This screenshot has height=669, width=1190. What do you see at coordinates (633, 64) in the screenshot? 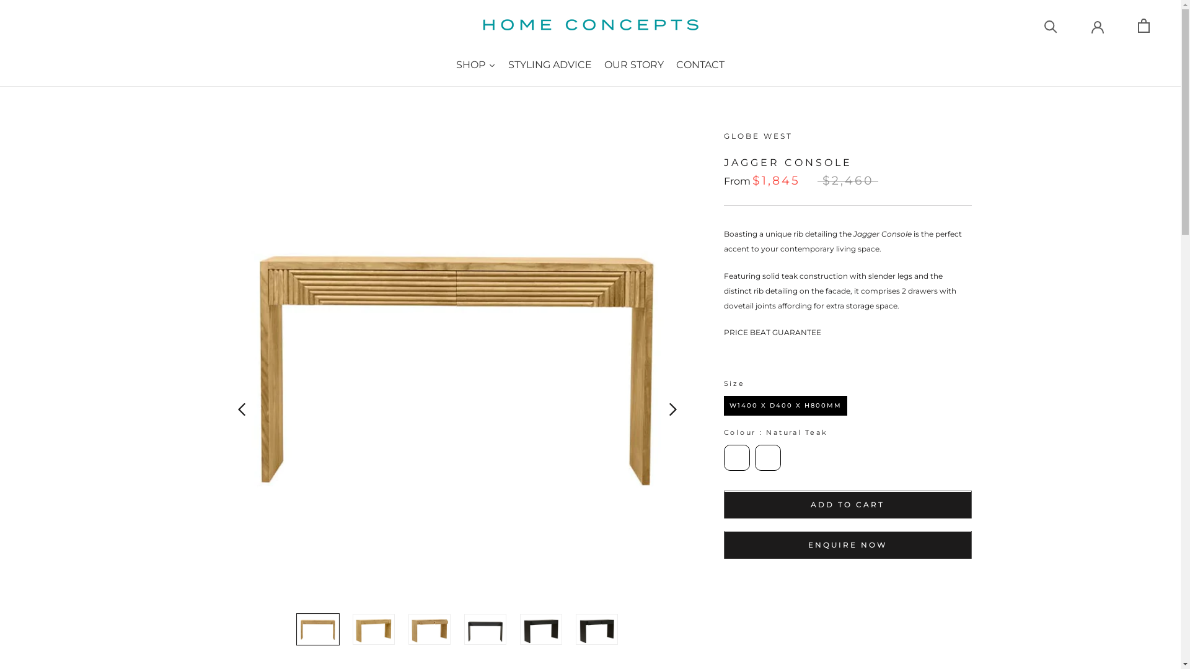
I see `'OUR STORY'` at bounding box center [633, 64].